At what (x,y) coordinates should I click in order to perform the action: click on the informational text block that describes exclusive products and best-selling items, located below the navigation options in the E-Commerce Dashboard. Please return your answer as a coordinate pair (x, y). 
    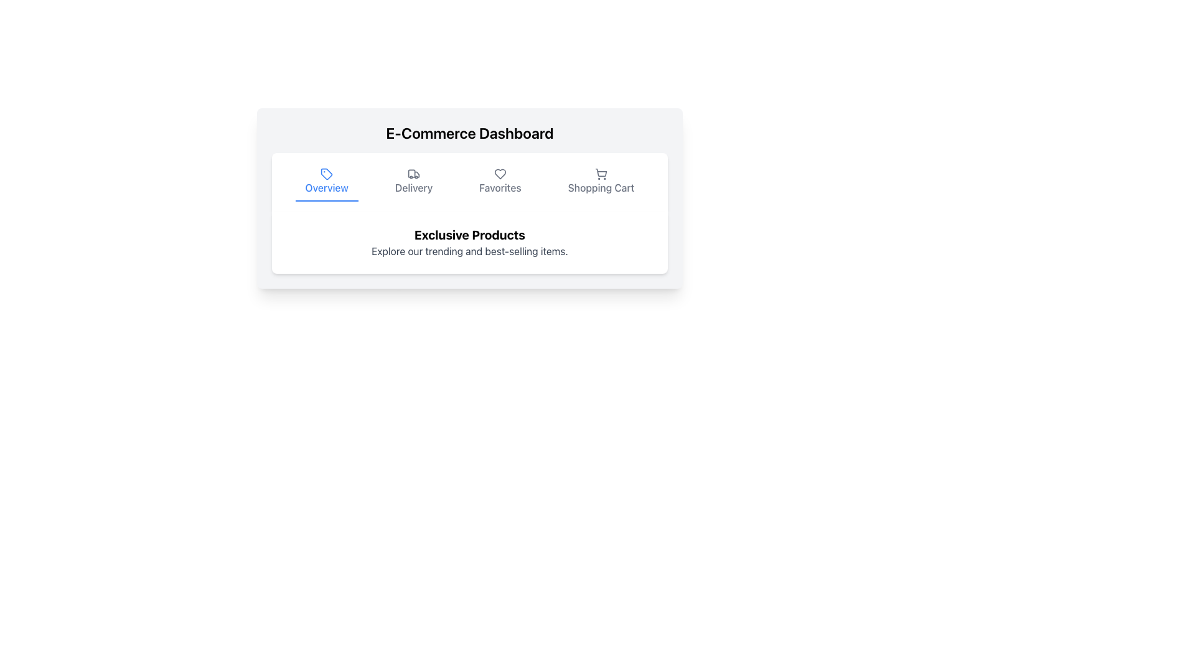
    Looking at the image, I should click on (469, 242).